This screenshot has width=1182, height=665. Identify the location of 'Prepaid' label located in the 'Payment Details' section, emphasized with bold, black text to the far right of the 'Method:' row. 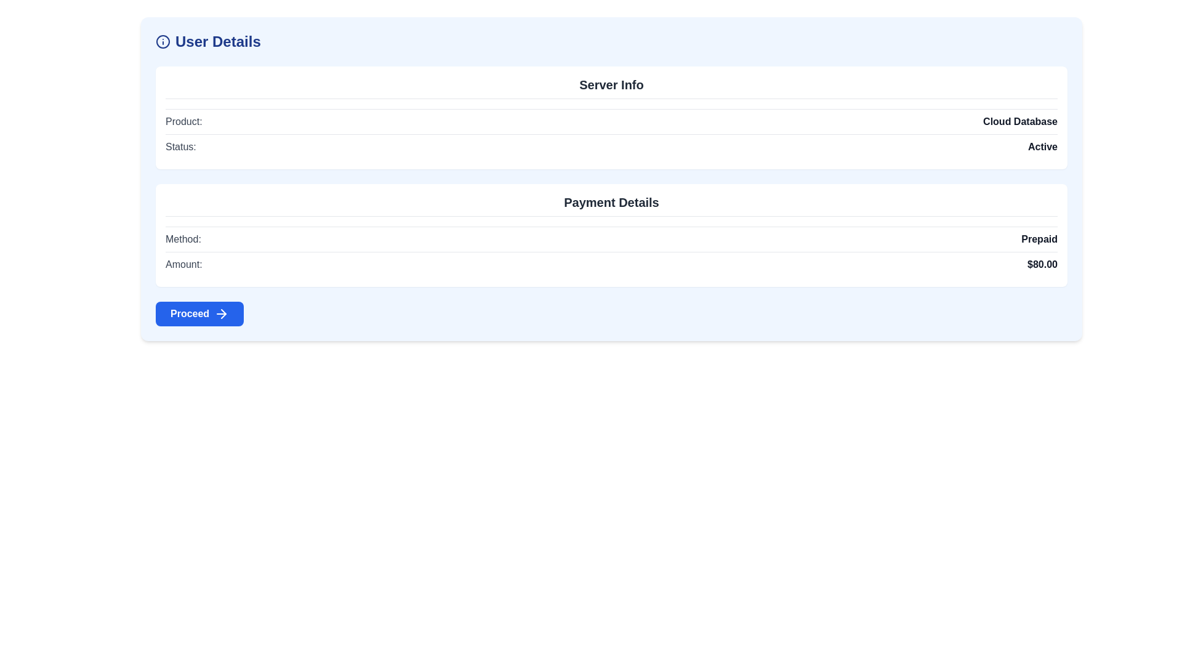
(1039, 240).